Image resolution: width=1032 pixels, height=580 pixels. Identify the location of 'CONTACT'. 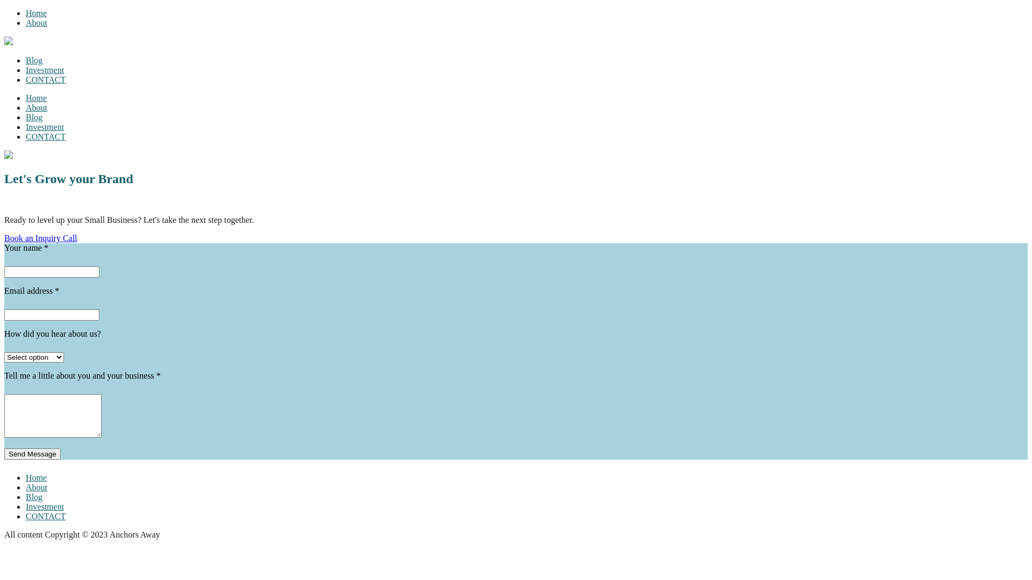
(45, 136).